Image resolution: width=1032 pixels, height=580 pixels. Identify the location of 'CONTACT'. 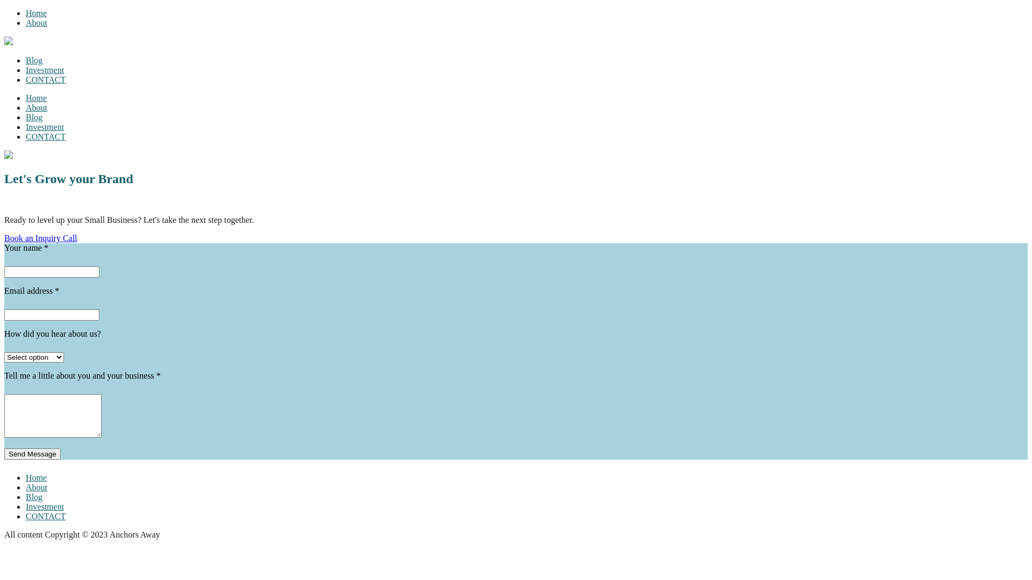
(45, 136).